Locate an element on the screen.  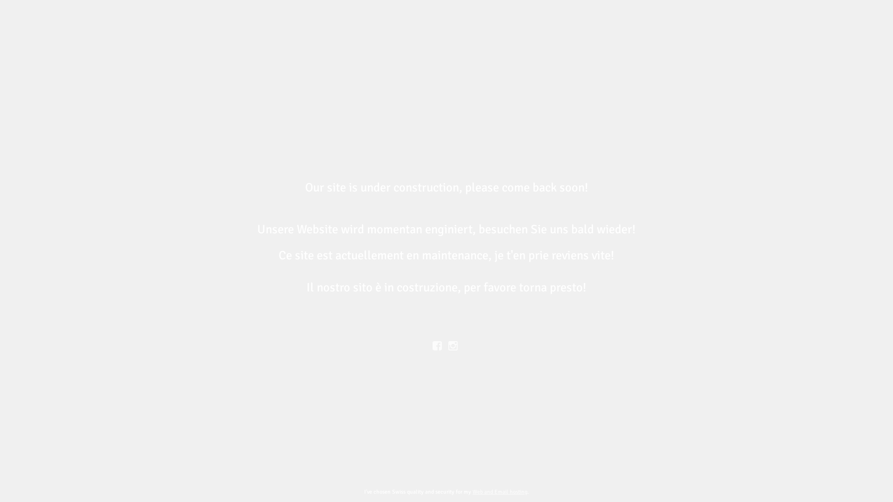
'Facebook' is located at coordinates (436, 345).